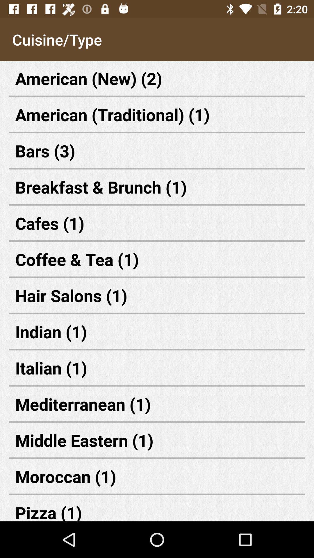 This screenshot has width=314, height=558. Describe the element at coordinates (157, 367) in the screenshot. I see `the text italian1` at that location.